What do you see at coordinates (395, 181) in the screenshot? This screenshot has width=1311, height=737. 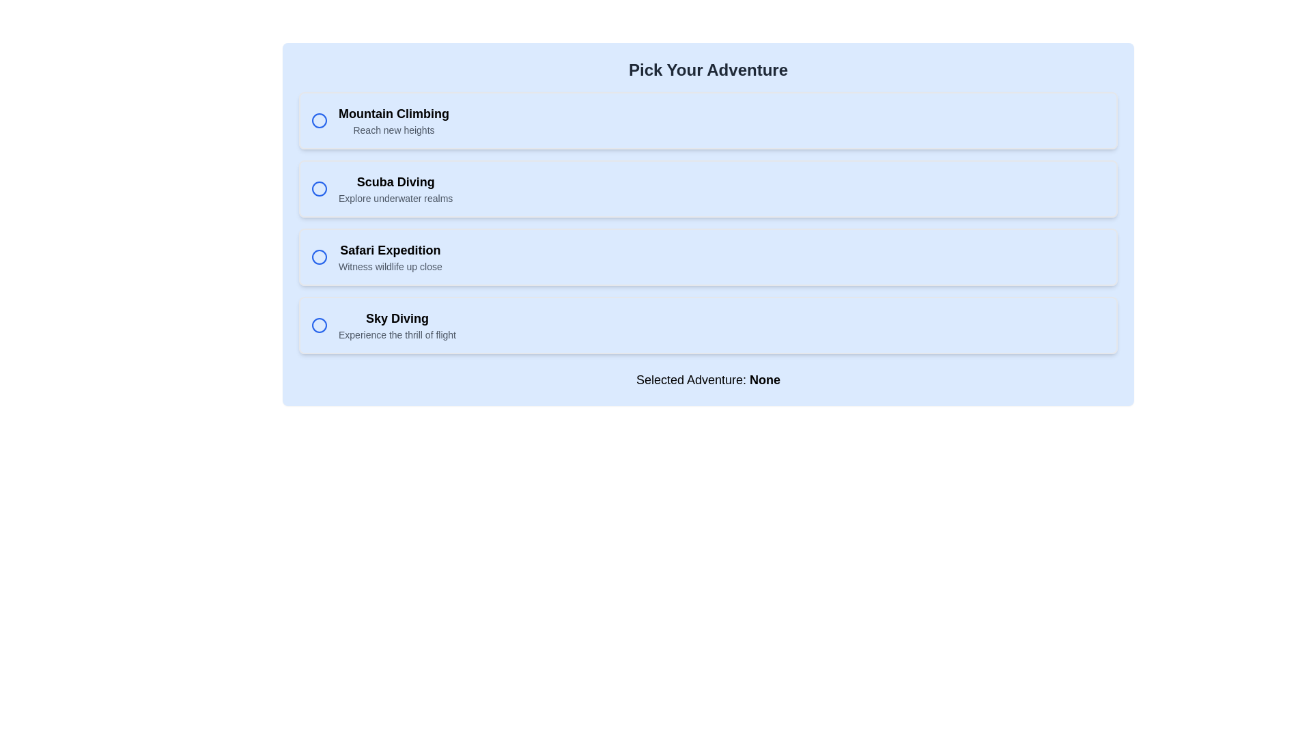 I see `static text label element displaying 'Scuba Diving', which is bold and larger than surrounding text, located within a blue background panel, above the caption 'Explore underwater realms'` at bounding box center [395, 181].